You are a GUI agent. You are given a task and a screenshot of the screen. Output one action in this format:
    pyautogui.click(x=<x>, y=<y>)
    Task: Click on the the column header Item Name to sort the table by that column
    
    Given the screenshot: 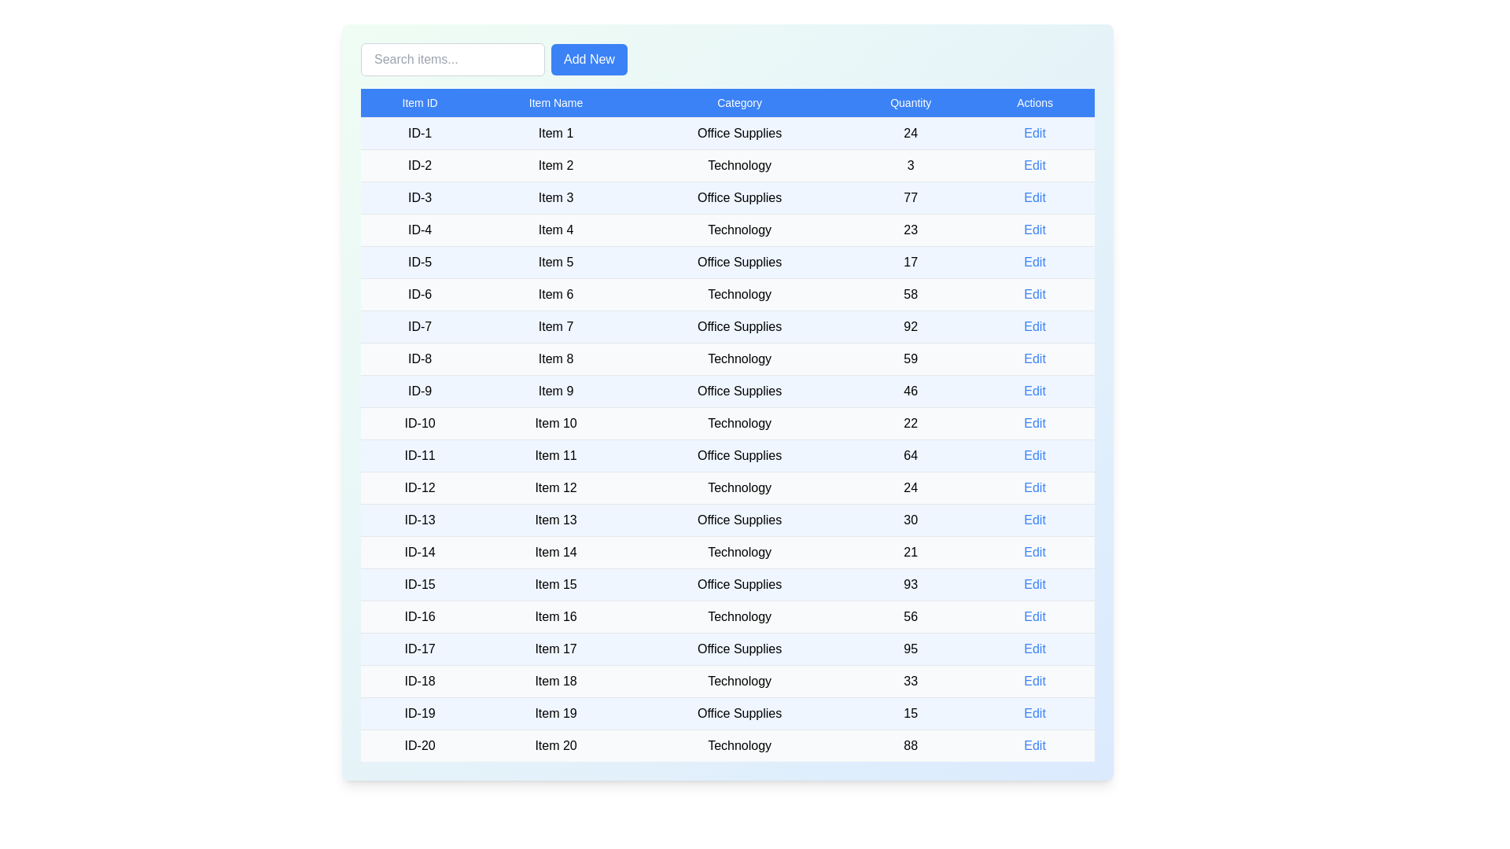 What is the action you would take?
    pyautogui.click(x=556, y=103)
    